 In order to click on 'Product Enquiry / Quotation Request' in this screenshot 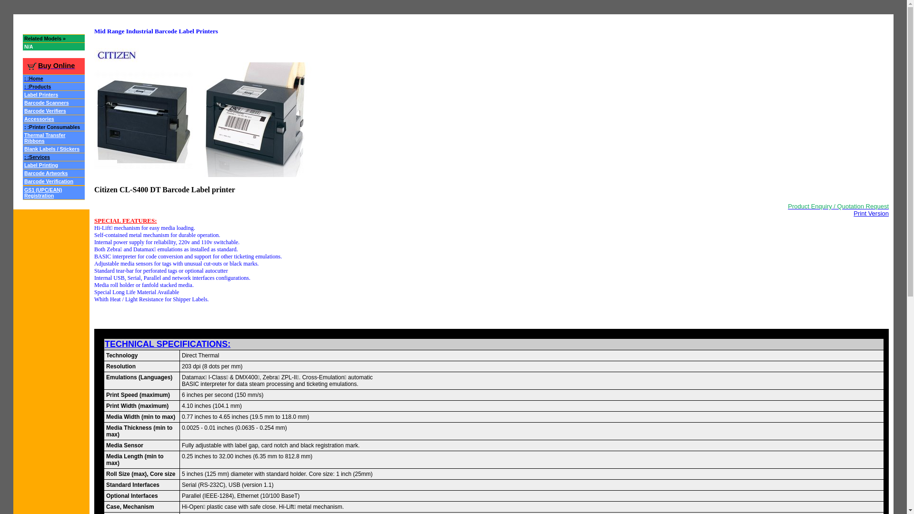, I will do `click(838, 205)`.